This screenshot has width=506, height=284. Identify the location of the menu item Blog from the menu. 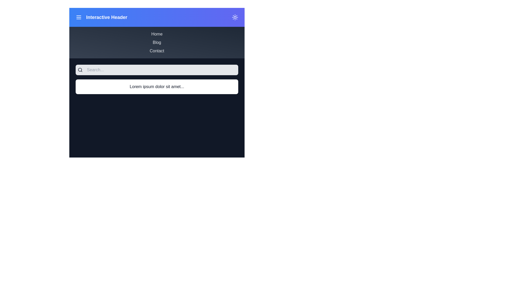
(157, 42).